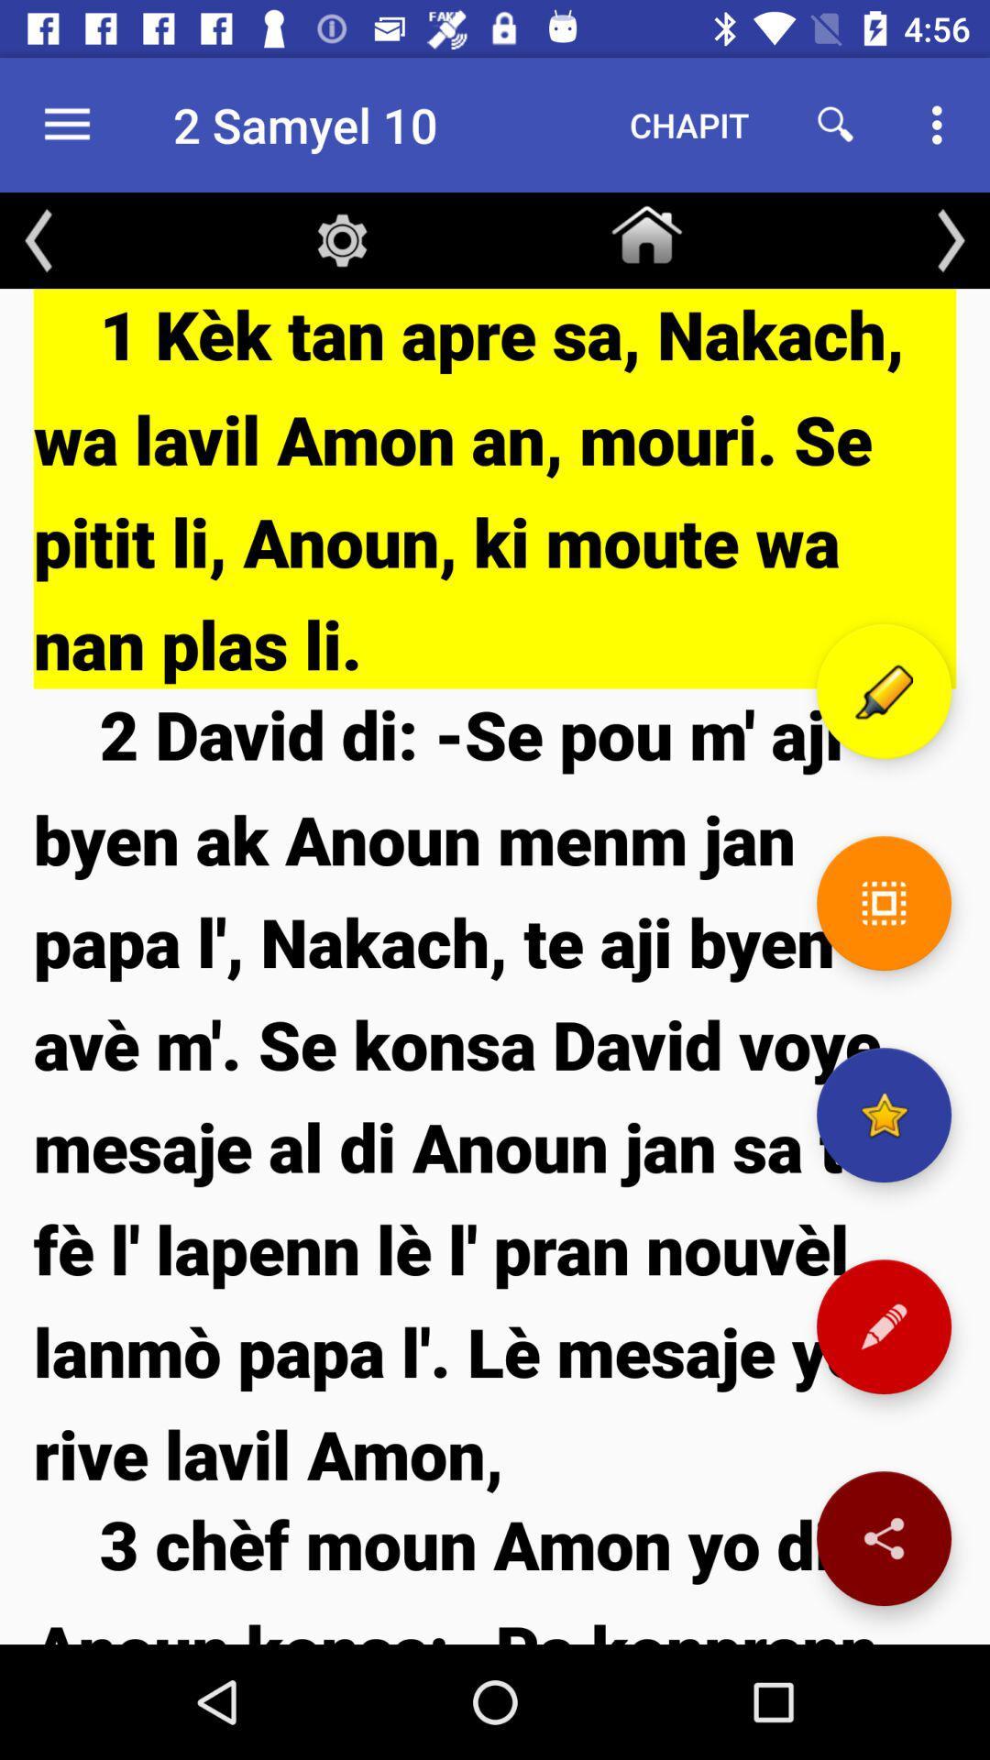 The width and height of the screenshot is (990, 1760). I want to click on item to the right of the 2 samyel 10, so click(689, 124).